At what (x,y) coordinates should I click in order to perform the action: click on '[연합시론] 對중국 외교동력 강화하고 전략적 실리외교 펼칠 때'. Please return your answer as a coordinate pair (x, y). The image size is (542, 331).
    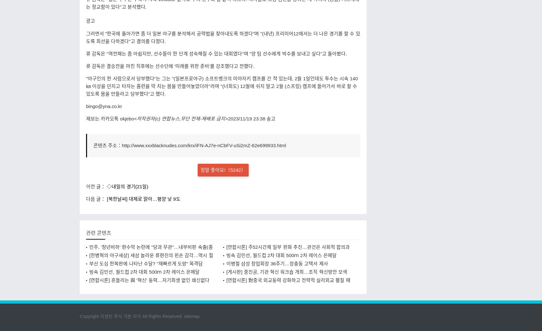
    Looking at the image, I should click on (288, 280).